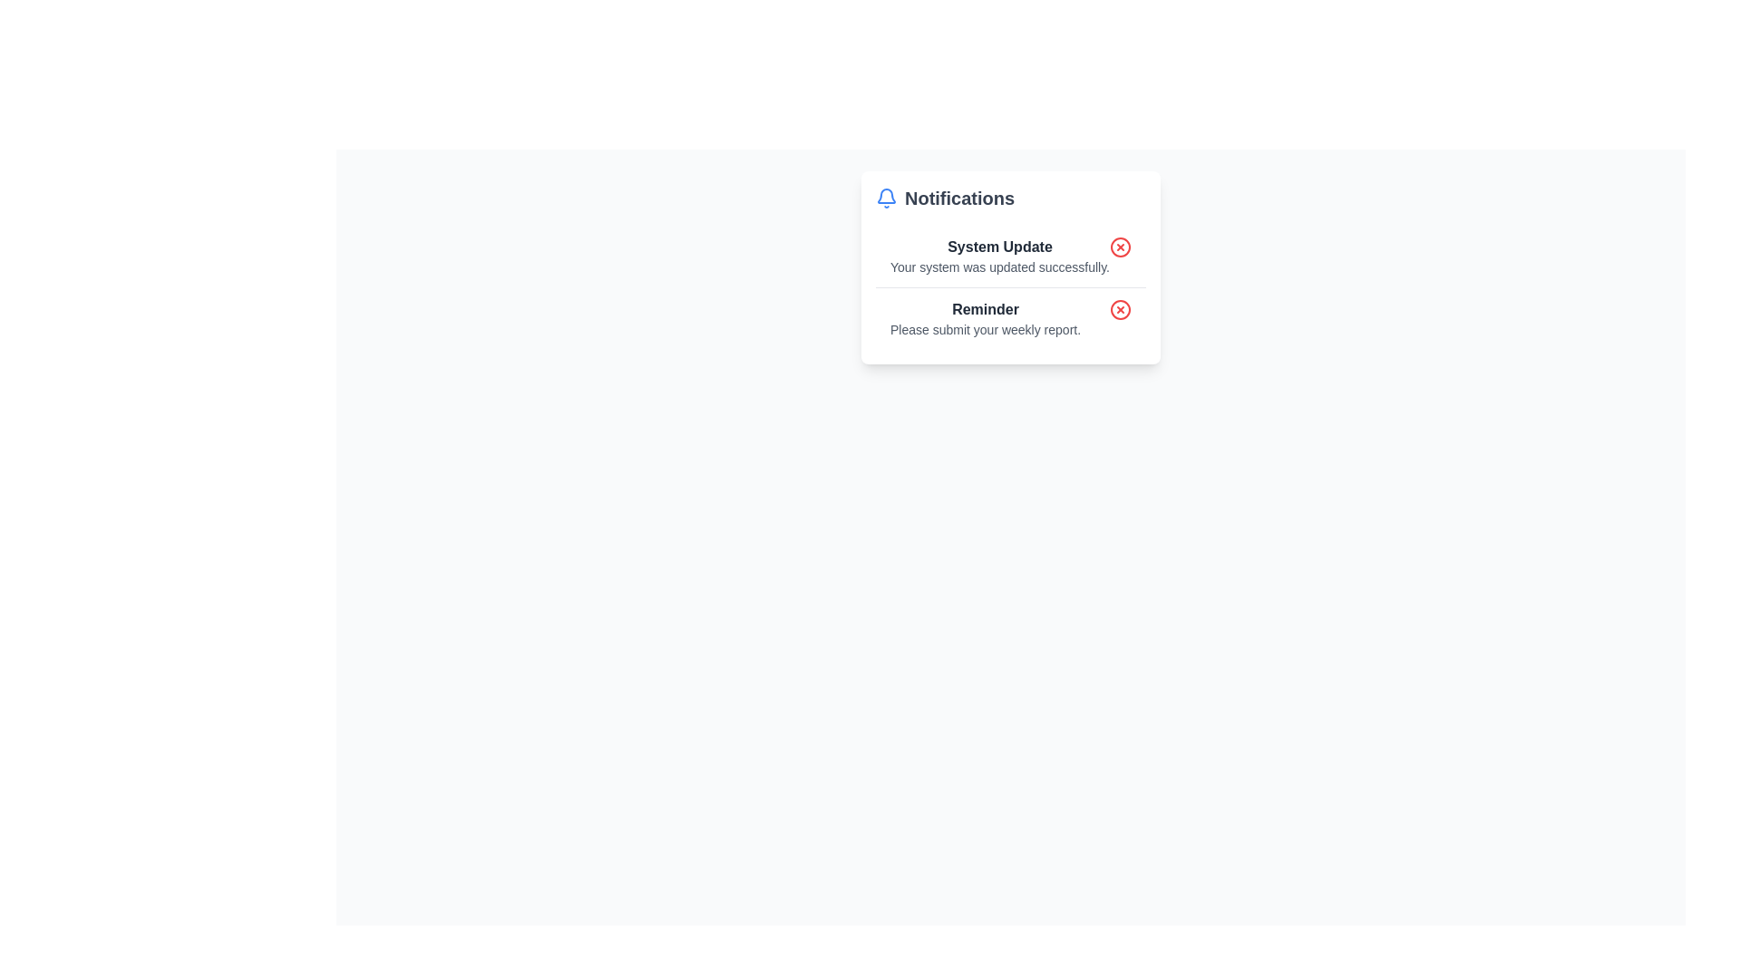  What do you see at coordinates (1120, 309) in the screenshot?
I see `the dismiss button located to the right of the 'Reminder' label in the second row of the notification panel` at bounding box center [1120, 309].